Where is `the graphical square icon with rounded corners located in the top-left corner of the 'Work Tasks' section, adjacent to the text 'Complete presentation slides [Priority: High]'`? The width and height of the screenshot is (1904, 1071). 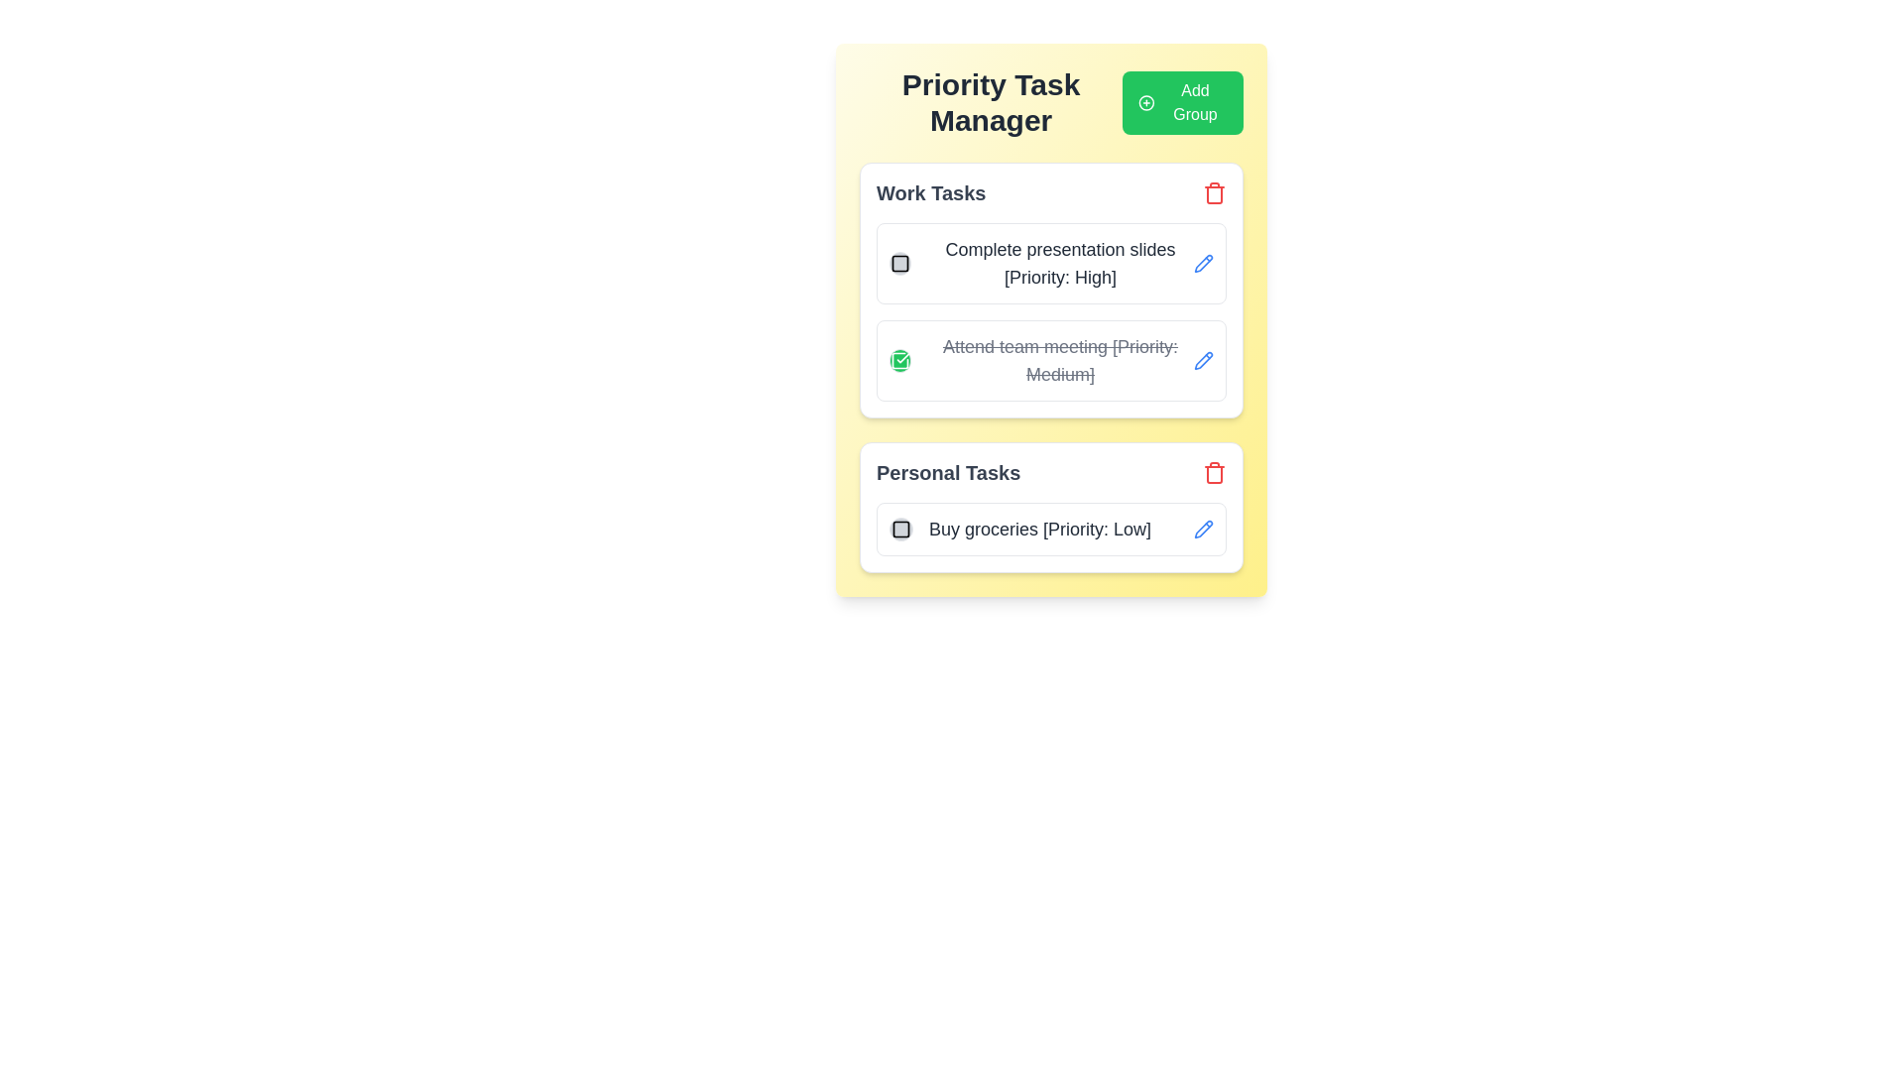 the graphical square icon with rounded corners located in the top-left corner of the 'Work Tasks' section, adjacent to the text 'Complete presentation slides [Priority: High]' is located at coordinates (898, 263).